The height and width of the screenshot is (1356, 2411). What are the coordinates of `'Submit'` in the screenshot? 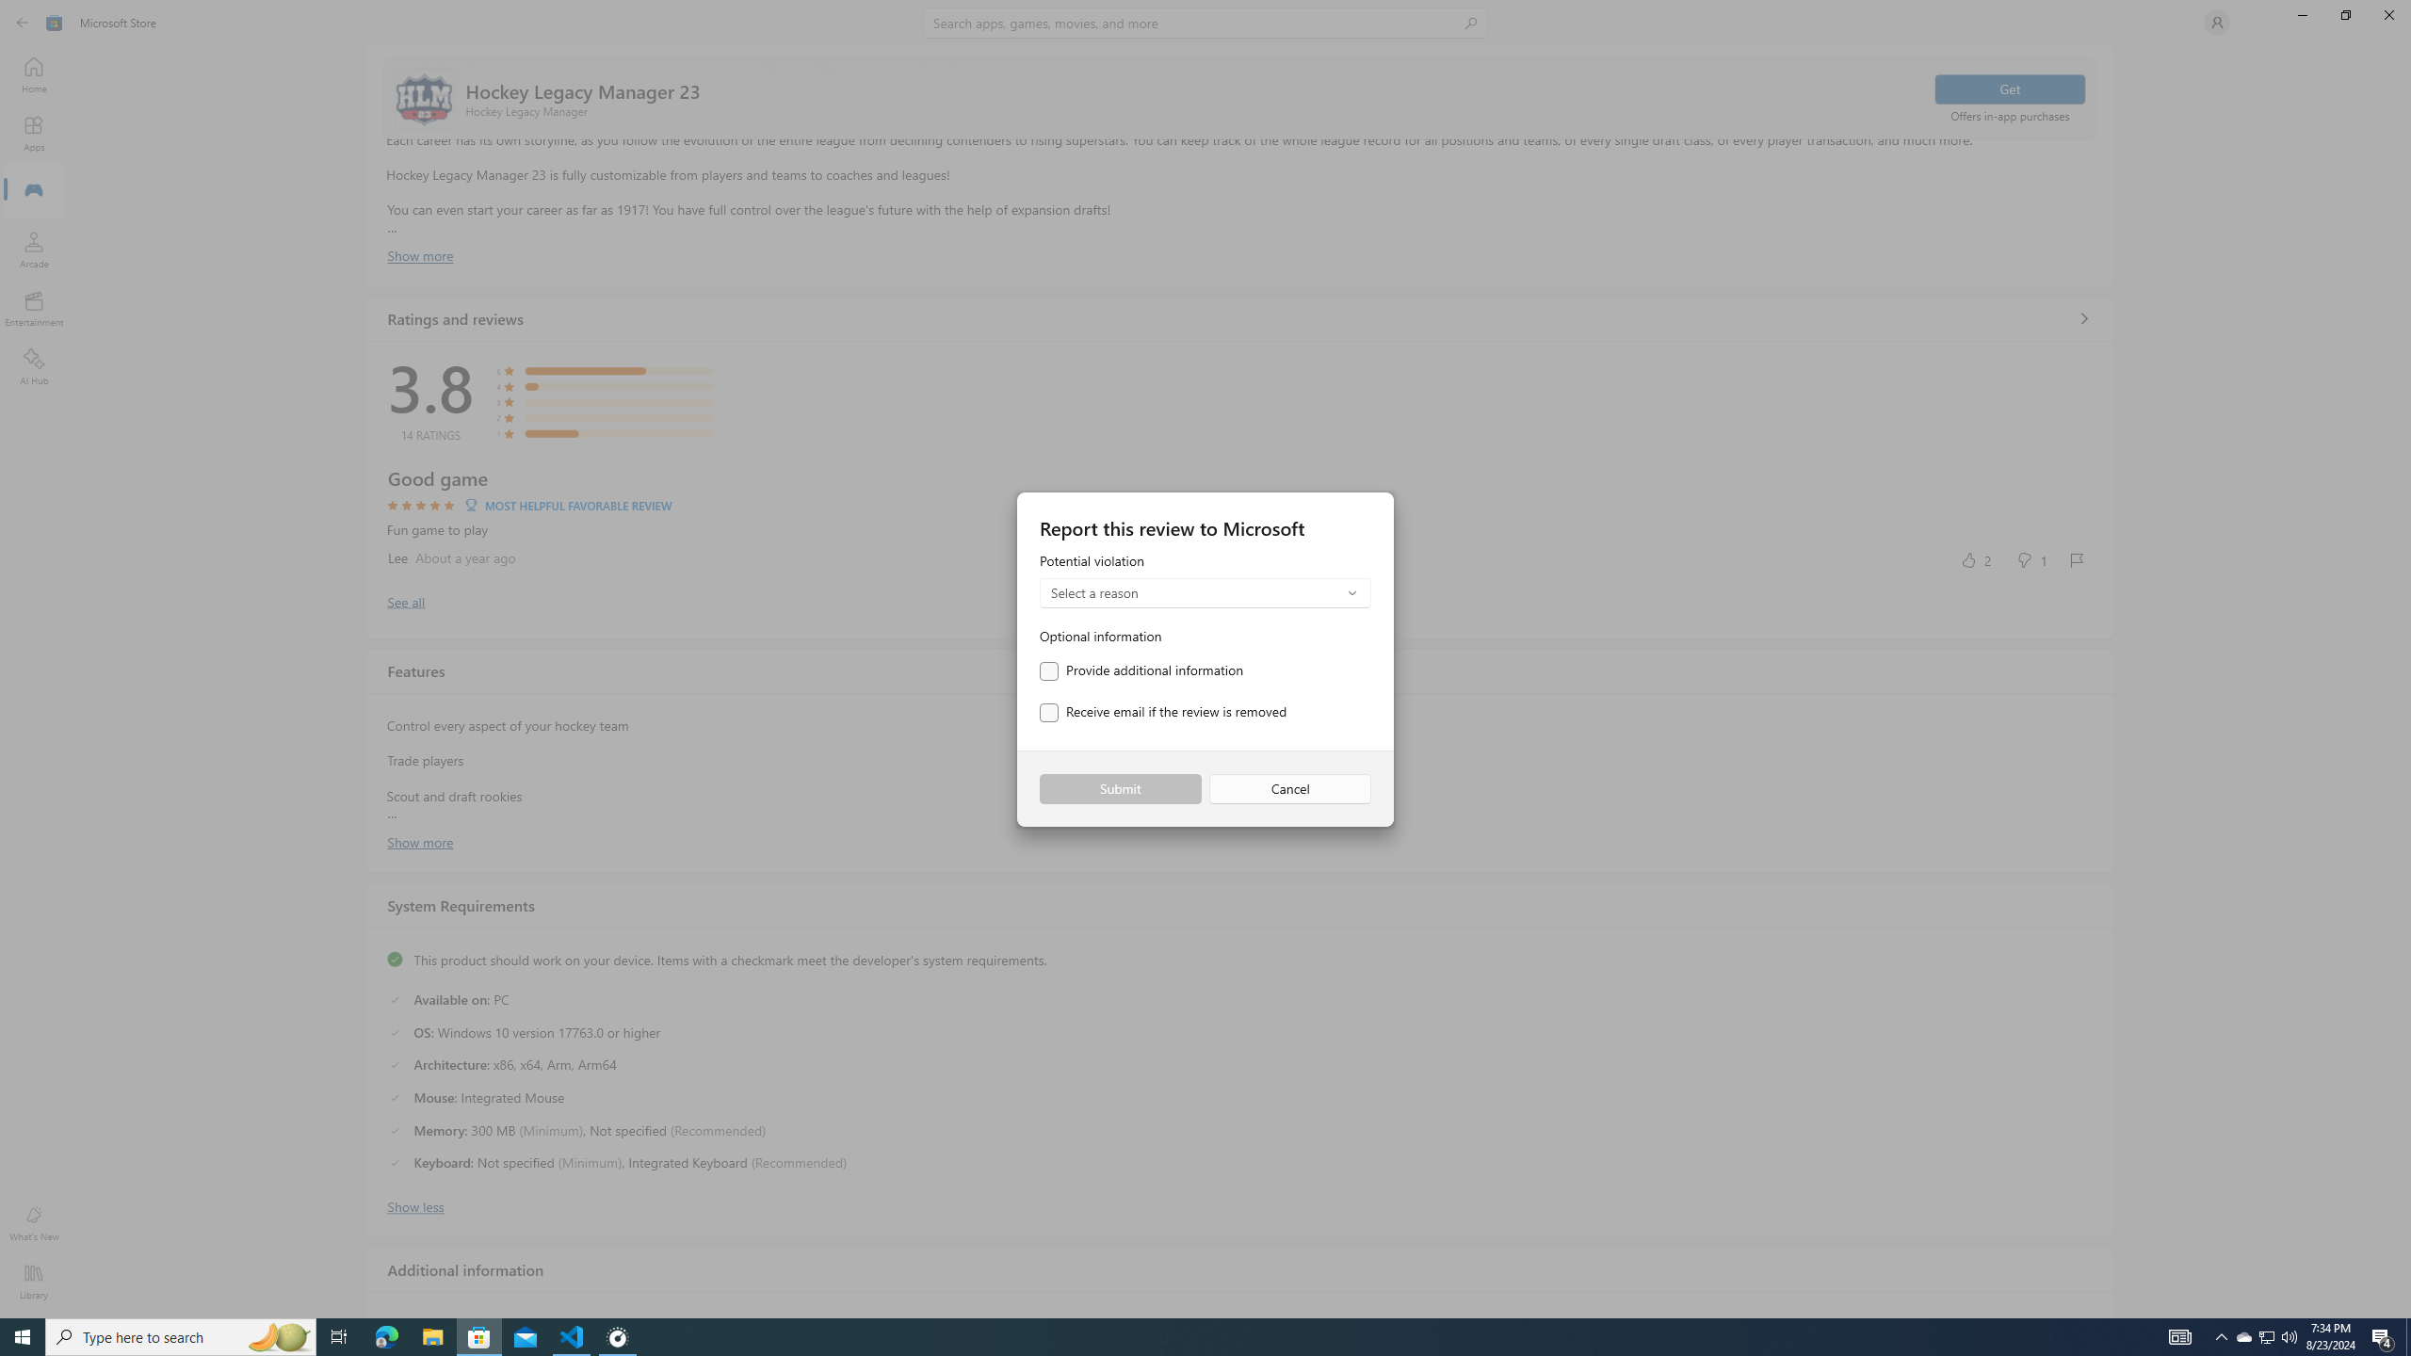 It's located at (1120, 789).